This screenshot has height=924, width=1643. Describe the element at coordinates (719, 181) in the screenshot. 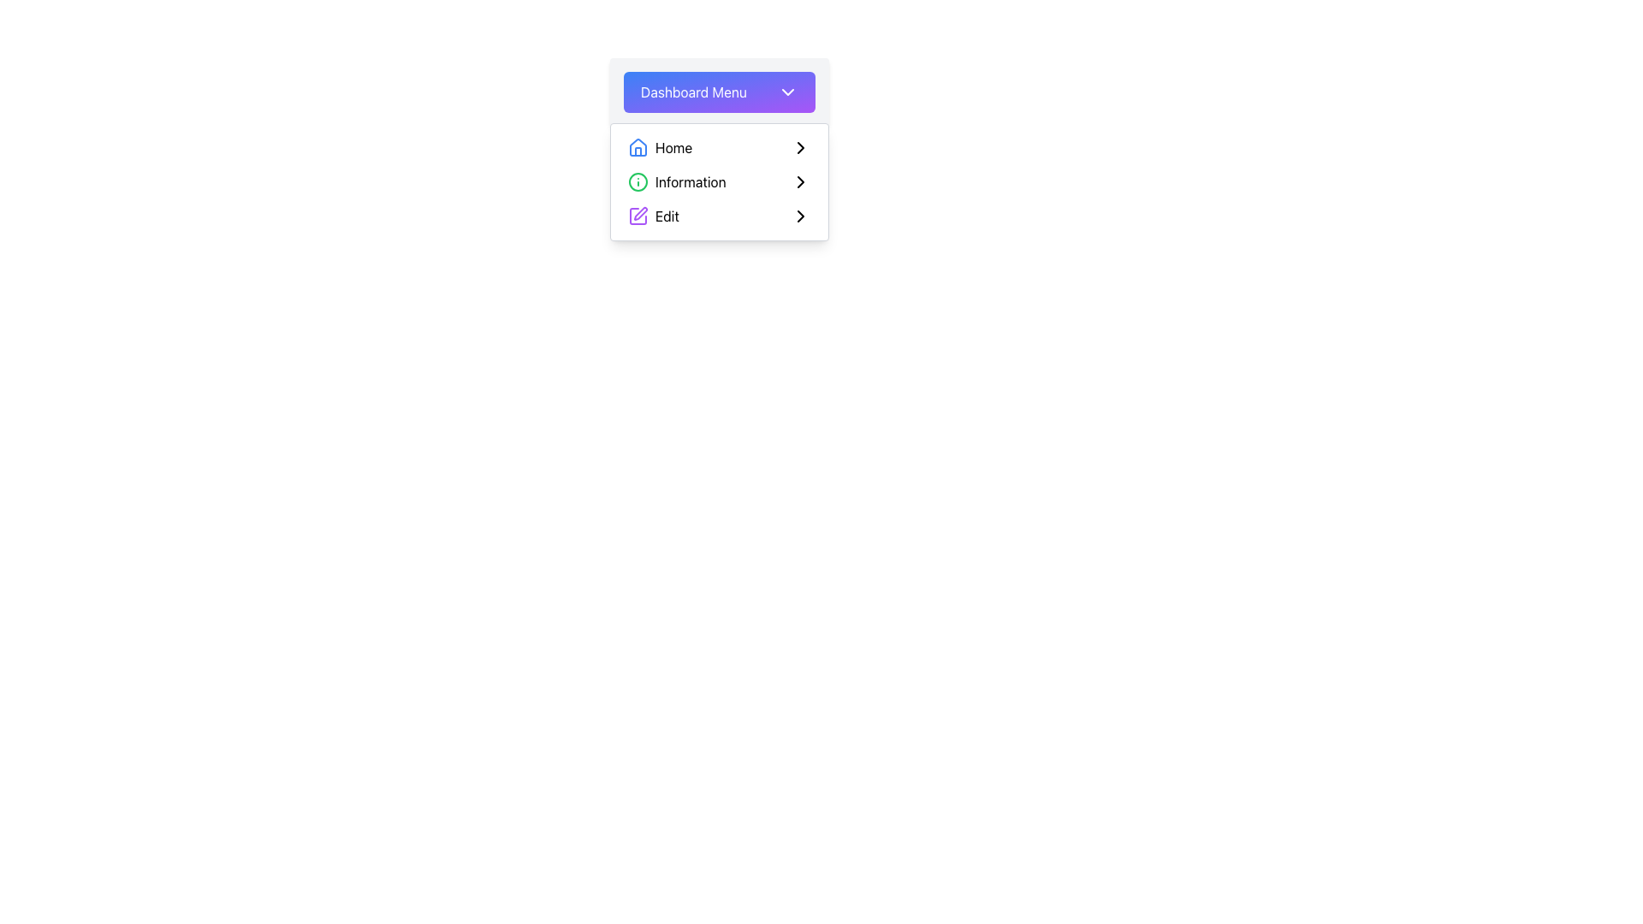

I see `the 'Information' menu item, which is the second item in the Dashboard Menu` at that location.